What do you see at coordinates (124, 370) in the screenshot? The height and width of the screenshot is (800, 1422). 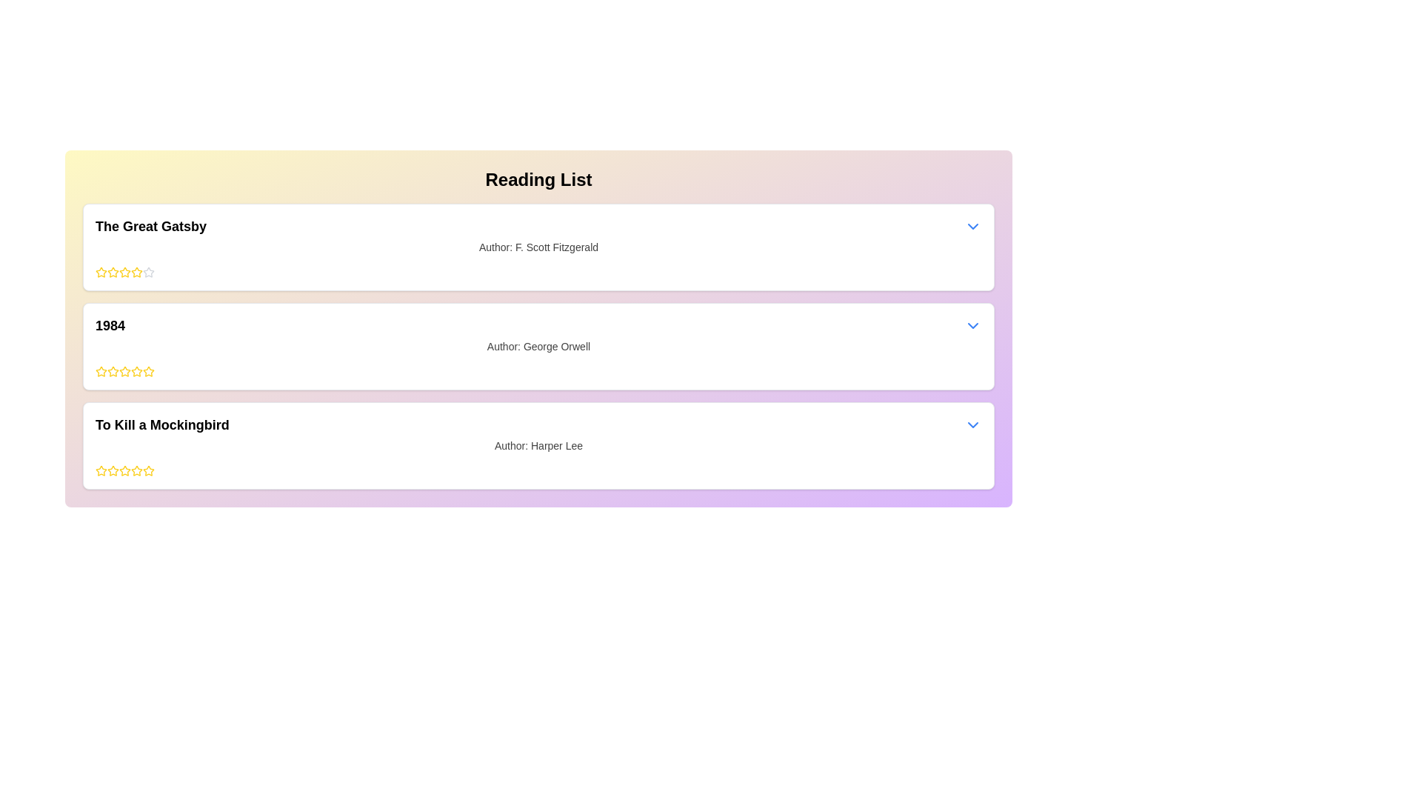 I see `the third rating star under the text '1984' in the 'Reading List' interface` at bounding box center [124, 370].